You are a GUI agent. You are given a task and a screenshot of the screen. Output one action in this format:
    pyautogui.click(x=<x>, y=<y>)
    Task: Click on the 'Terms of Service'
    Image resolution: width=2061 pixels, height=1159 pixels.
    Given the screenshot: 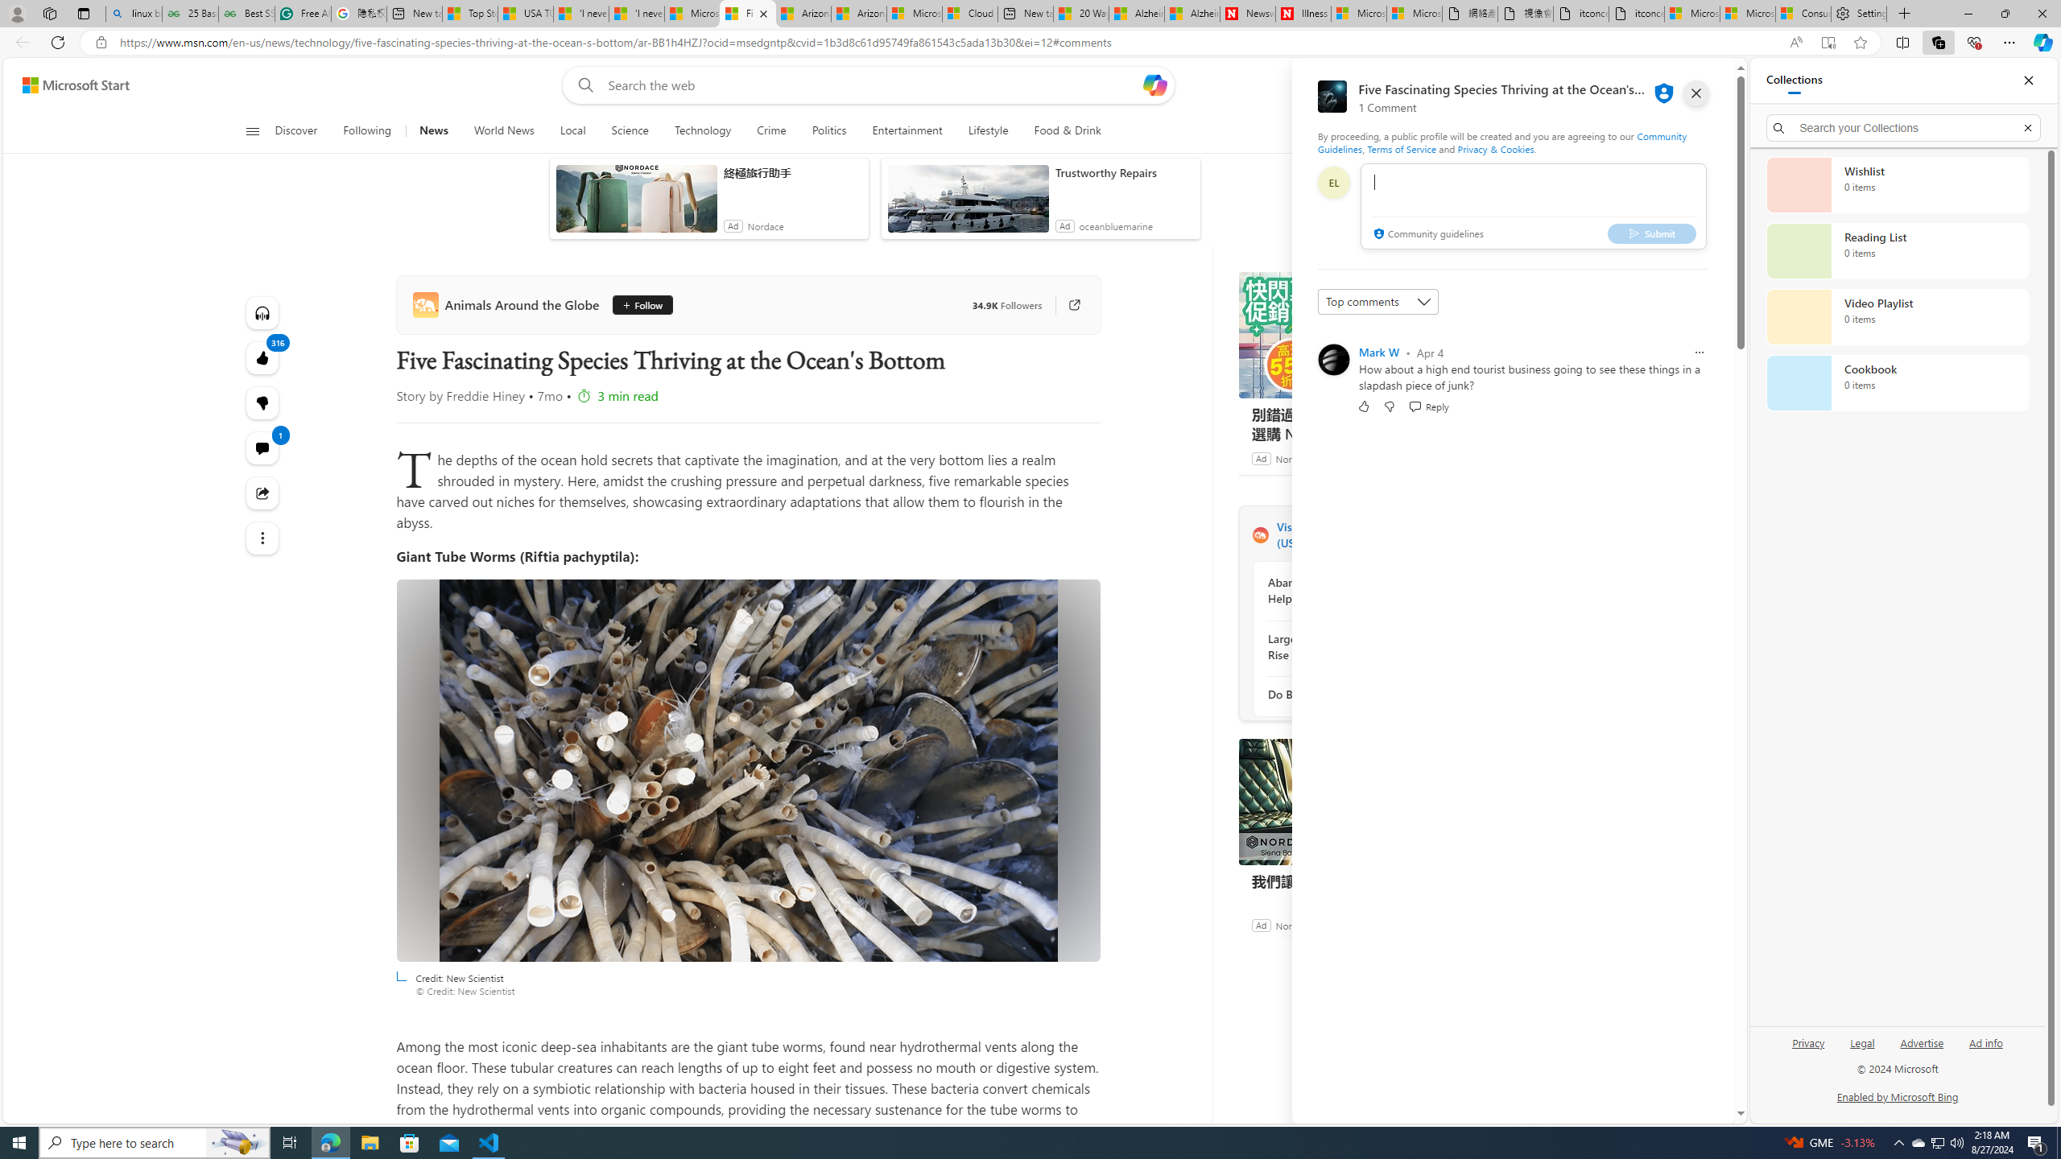 What is the action you would take?
    pyautogui.click(x=1401, y=148)
    